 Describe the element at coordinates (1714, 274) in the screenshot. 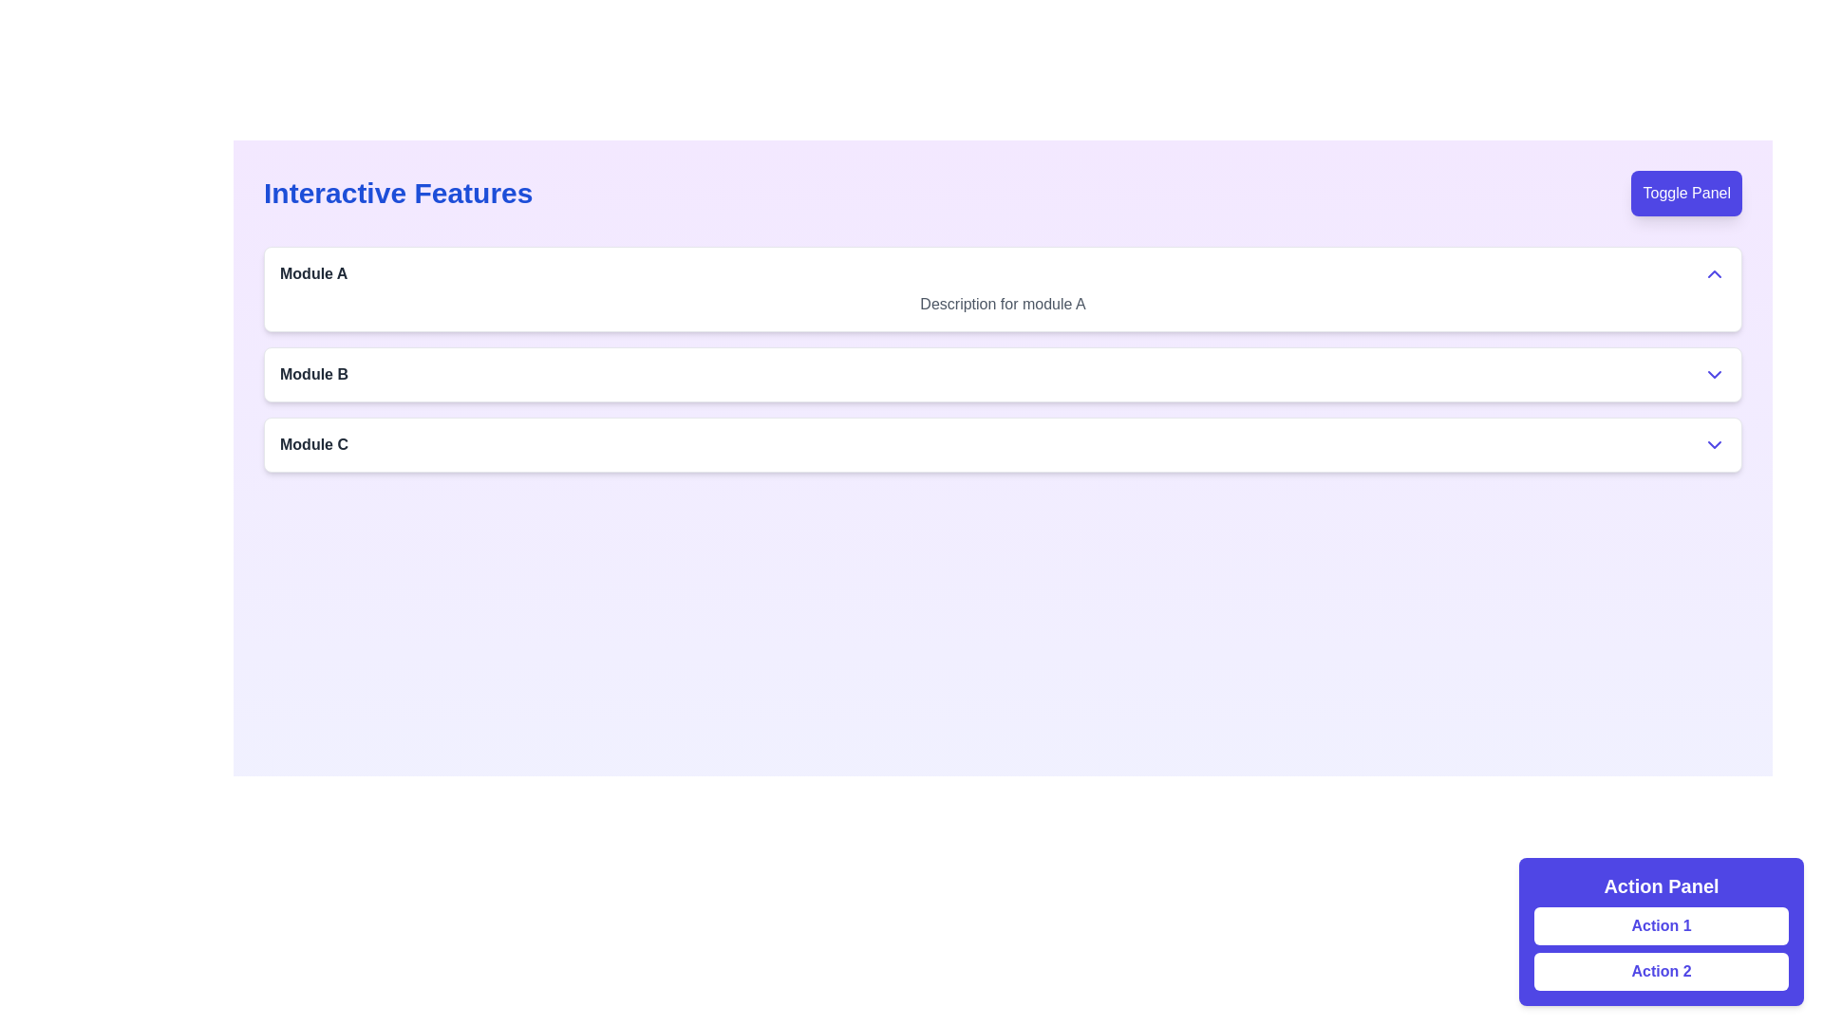

I see `the chevron button located at the top-right corner of the 'Module A' section header` at that location.